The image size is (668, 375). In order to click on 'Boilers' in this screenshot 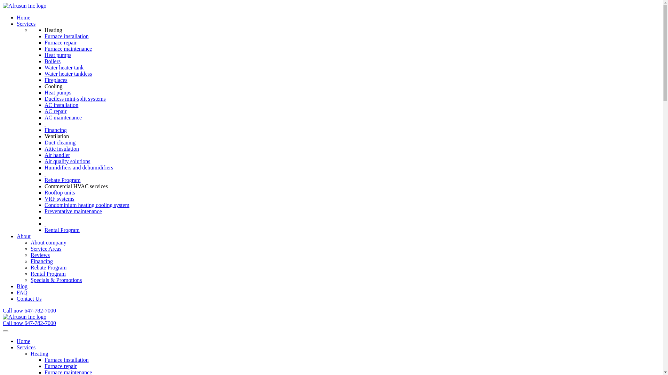, I will do `click(52, 61)`.